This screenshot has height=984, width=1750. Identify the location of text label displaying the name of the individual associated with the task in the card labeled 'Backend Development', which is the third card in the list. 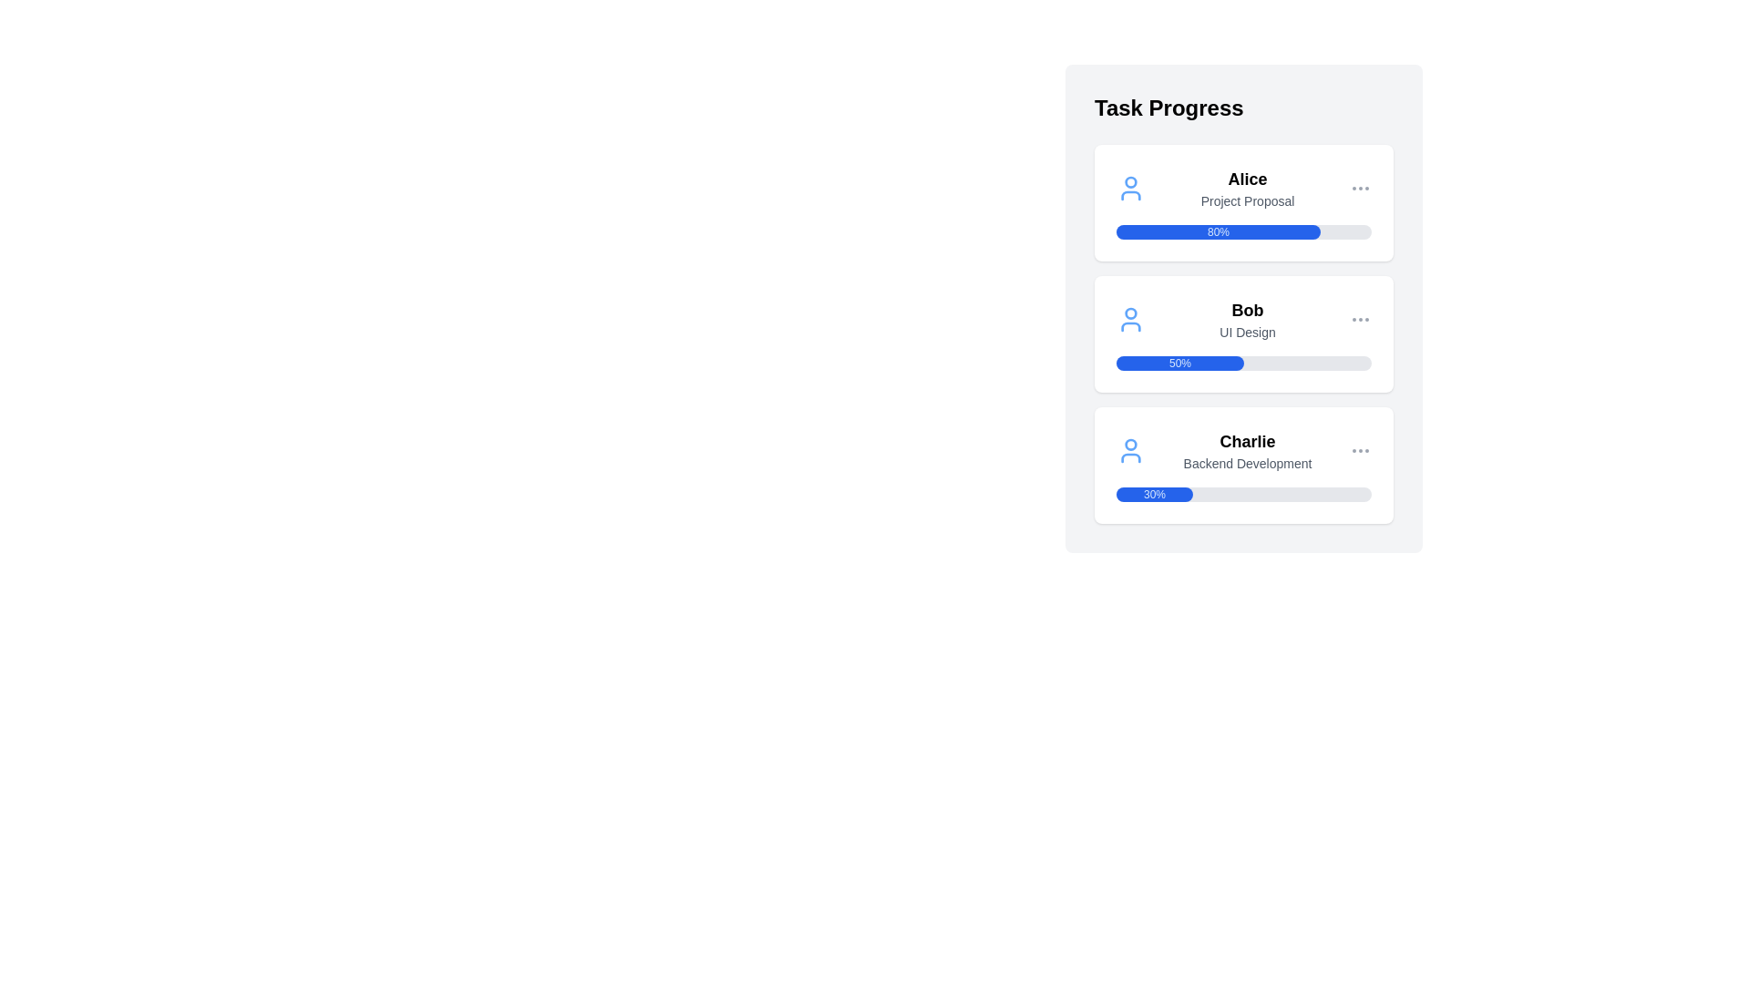
(1246, 442).